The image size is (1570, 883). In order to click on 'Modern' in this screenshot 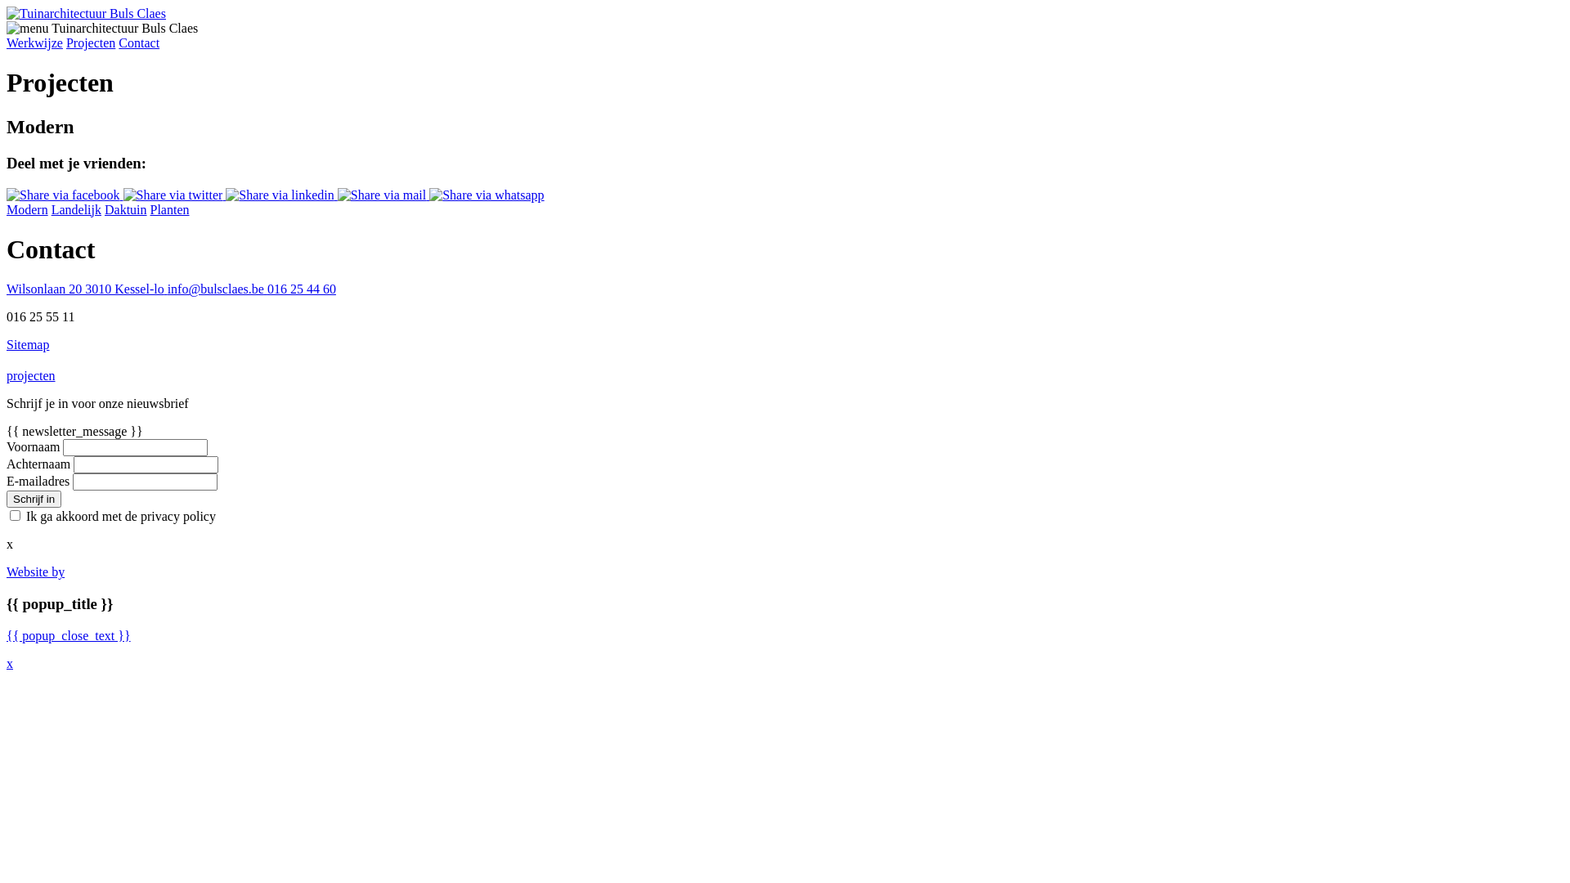, I will do `click(27, 208)`.